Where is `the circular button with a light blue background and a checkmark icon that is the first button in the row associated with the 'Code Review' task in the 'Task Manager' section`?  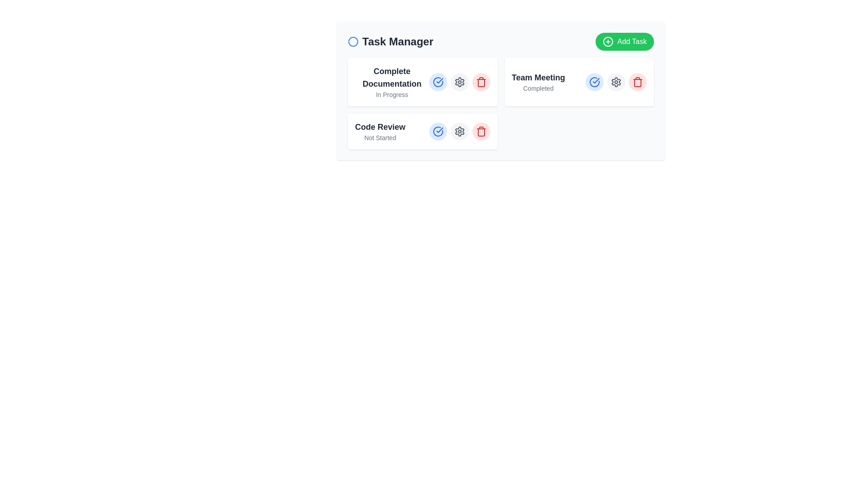 the circular button with a light blue background and a checkmark icon that is the first button in the row associated with the 'Code Review' task in the 'Task Manager' section is located at coordinates (438, 132).